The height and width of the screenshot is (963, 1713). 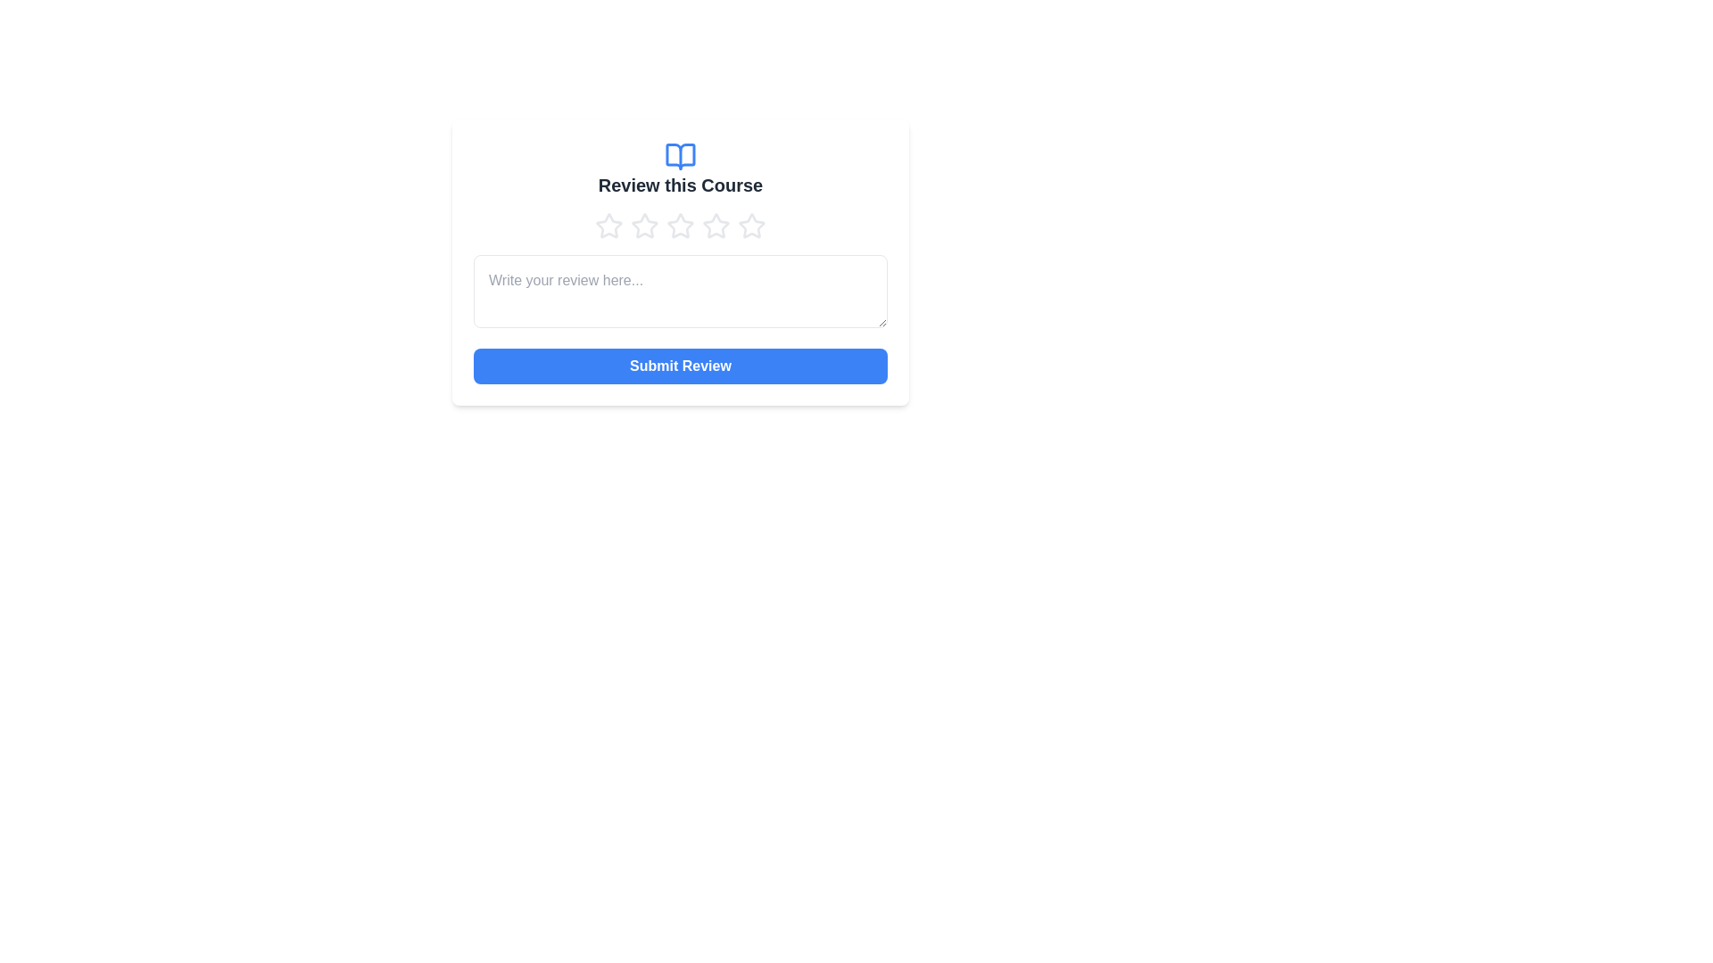 What do you see at coordinates (680, 225) in the screenshot?
I see `the third star in the rating interface to register a rating for the course` at bounding box center [680, 225].